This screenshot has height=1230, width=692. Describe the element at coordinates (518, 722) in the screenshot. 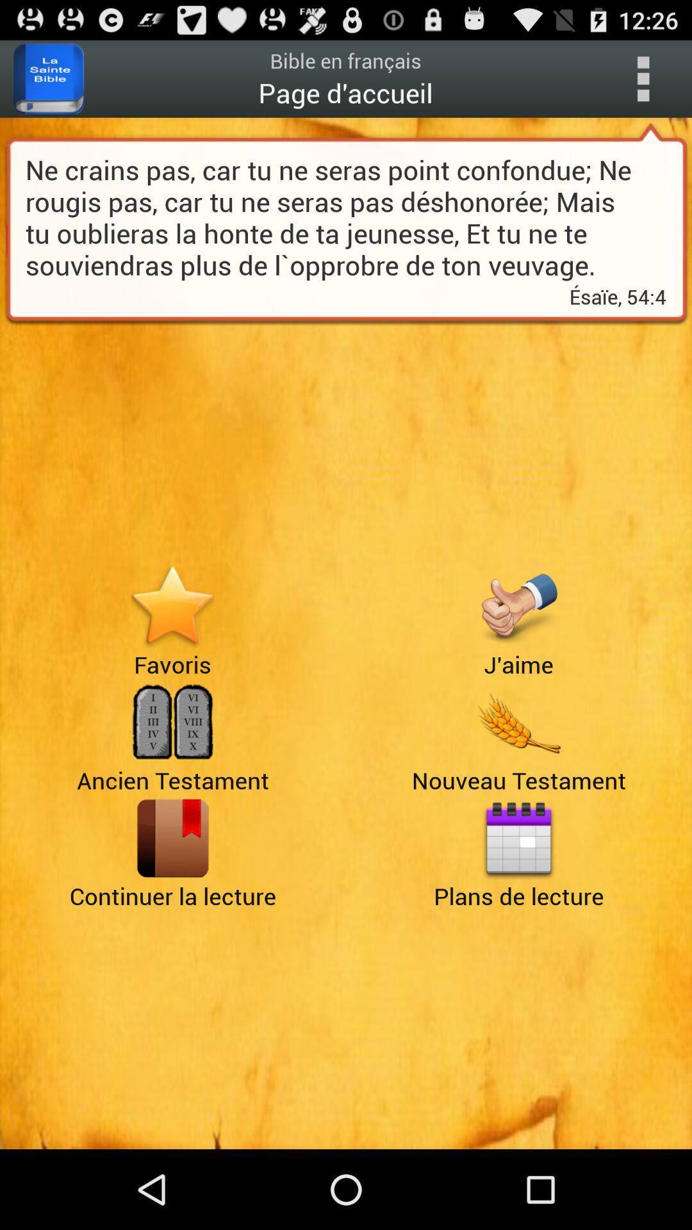

I see `new testament` at that location.